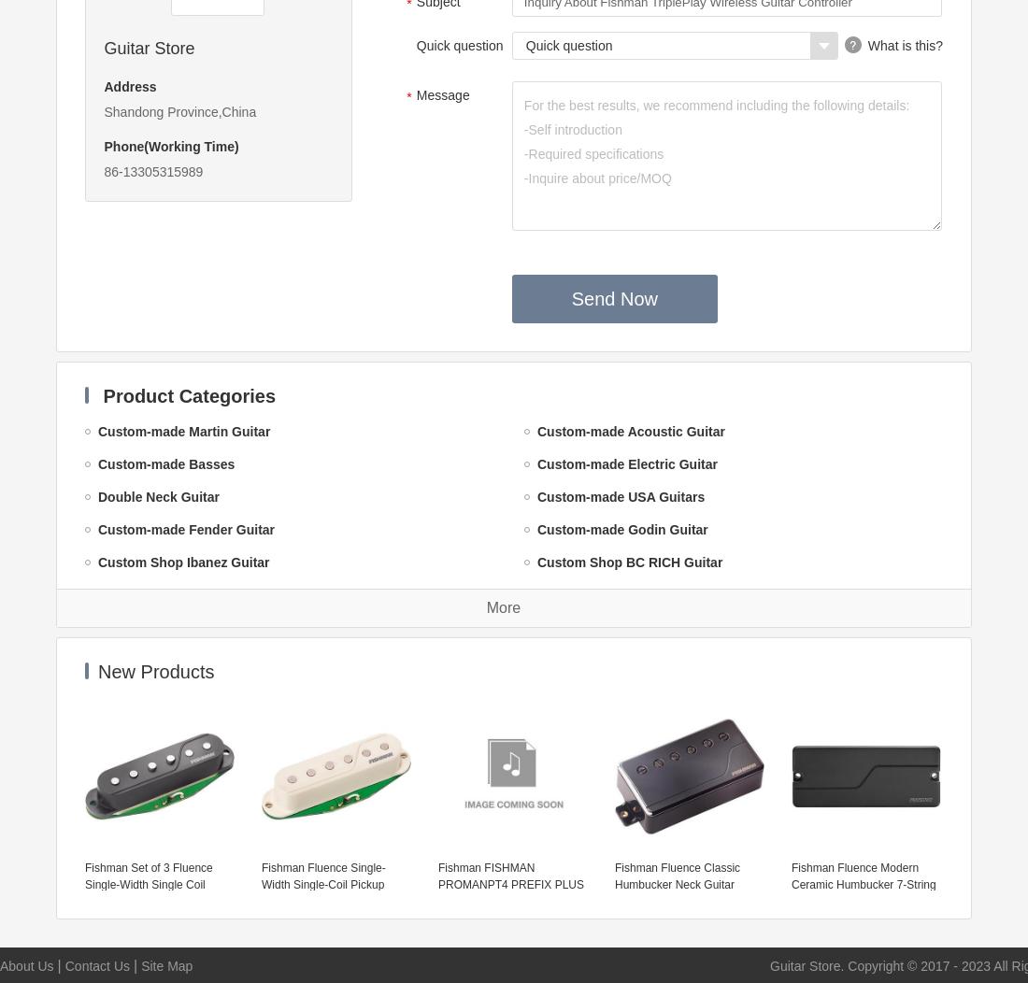 The image size is (1028, 983). What do you see at coordinates (209, 857) in the screenshot?
I see `'Custom-made Black Machine Guitar'` at bounding box center [209, 857].